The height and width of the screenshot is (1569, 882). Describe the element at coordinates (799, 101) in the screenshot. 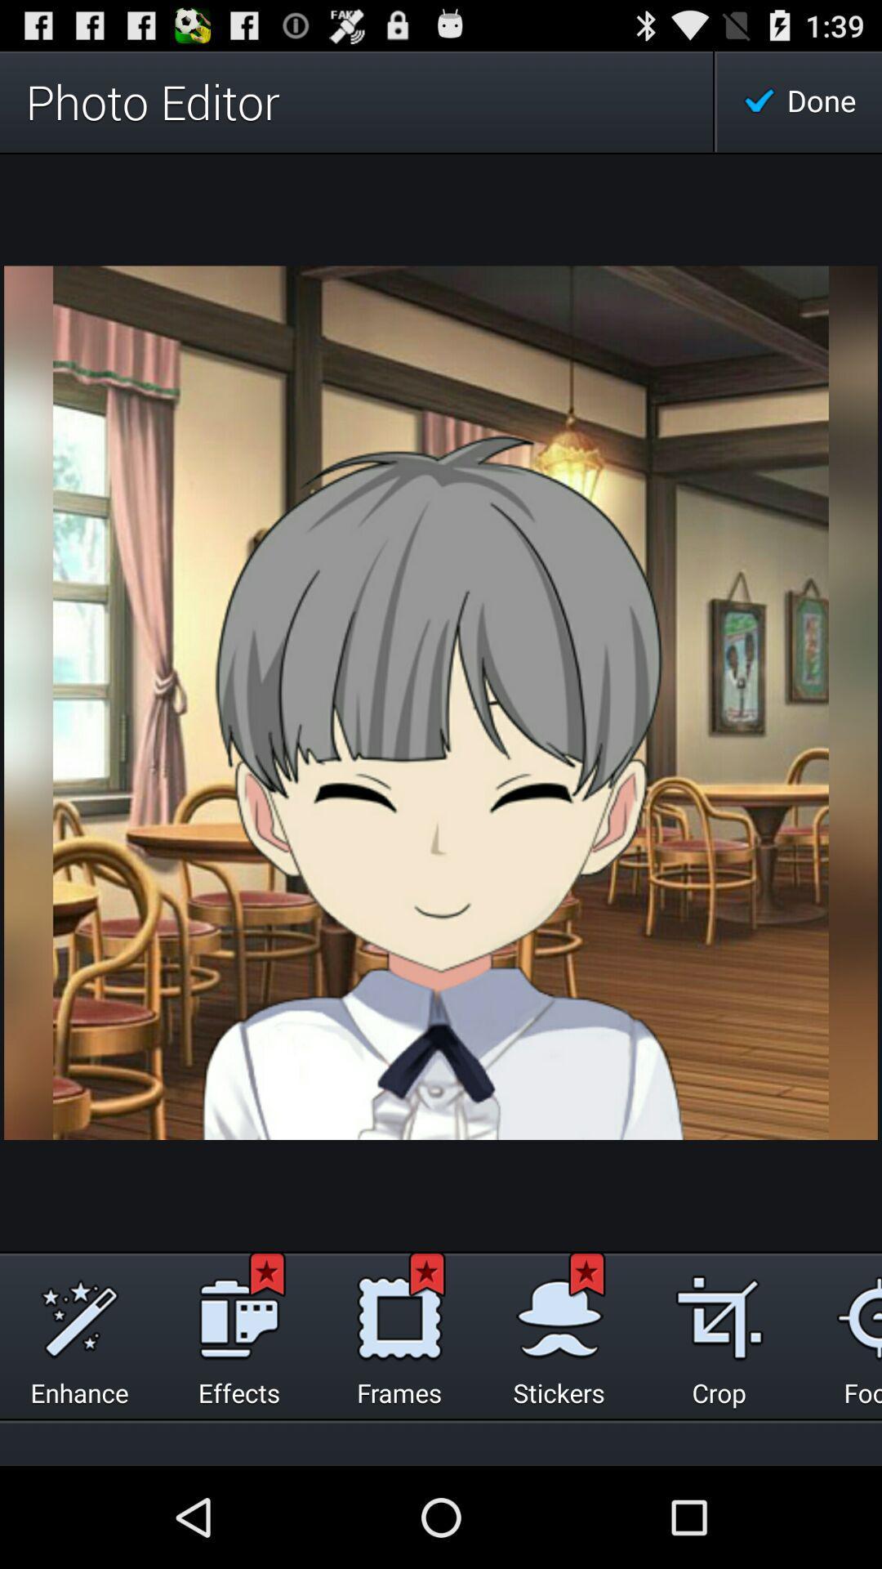

I see `text next to photo editor` at that location.